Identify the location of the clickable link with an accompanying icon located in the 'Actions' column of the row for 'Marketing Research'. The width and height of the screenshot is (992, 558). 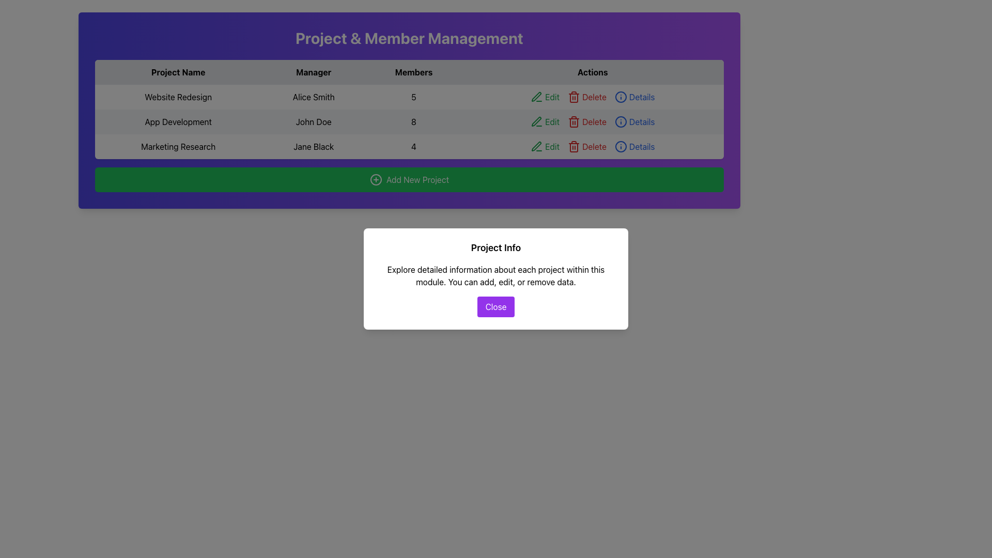
(634, 147).